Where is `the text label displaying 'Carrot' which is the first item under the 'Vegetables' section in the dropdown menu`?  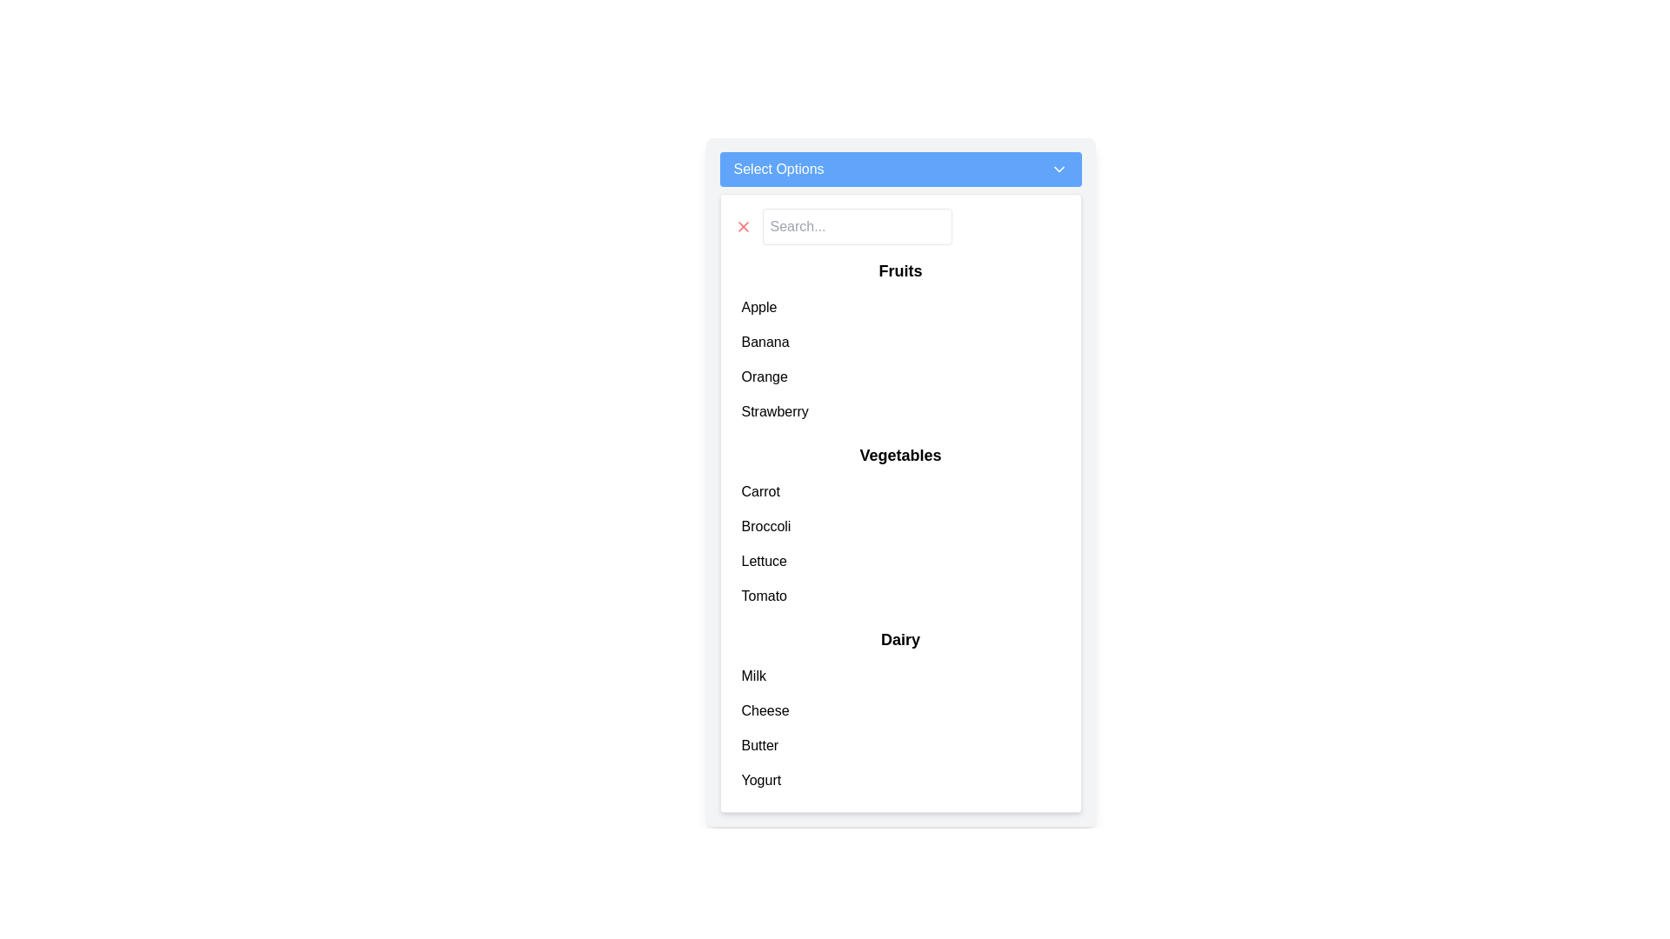
the text label displaying 'Carrot' which is the first item under the 'Vegetables' section in the dropdown menu is located at coordinates (760, 492).